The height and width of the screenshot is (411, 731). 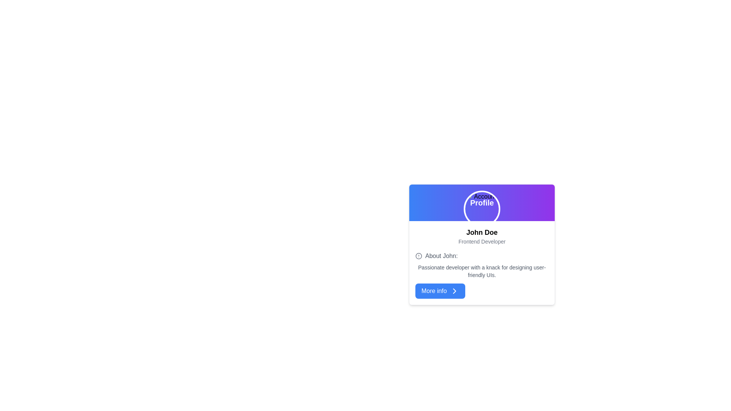 I want to click on text label that displays 'Profile' in bold white font, located at the center of the colorful gradient background in the header area of the user profile card, so click(x=482, y=202).